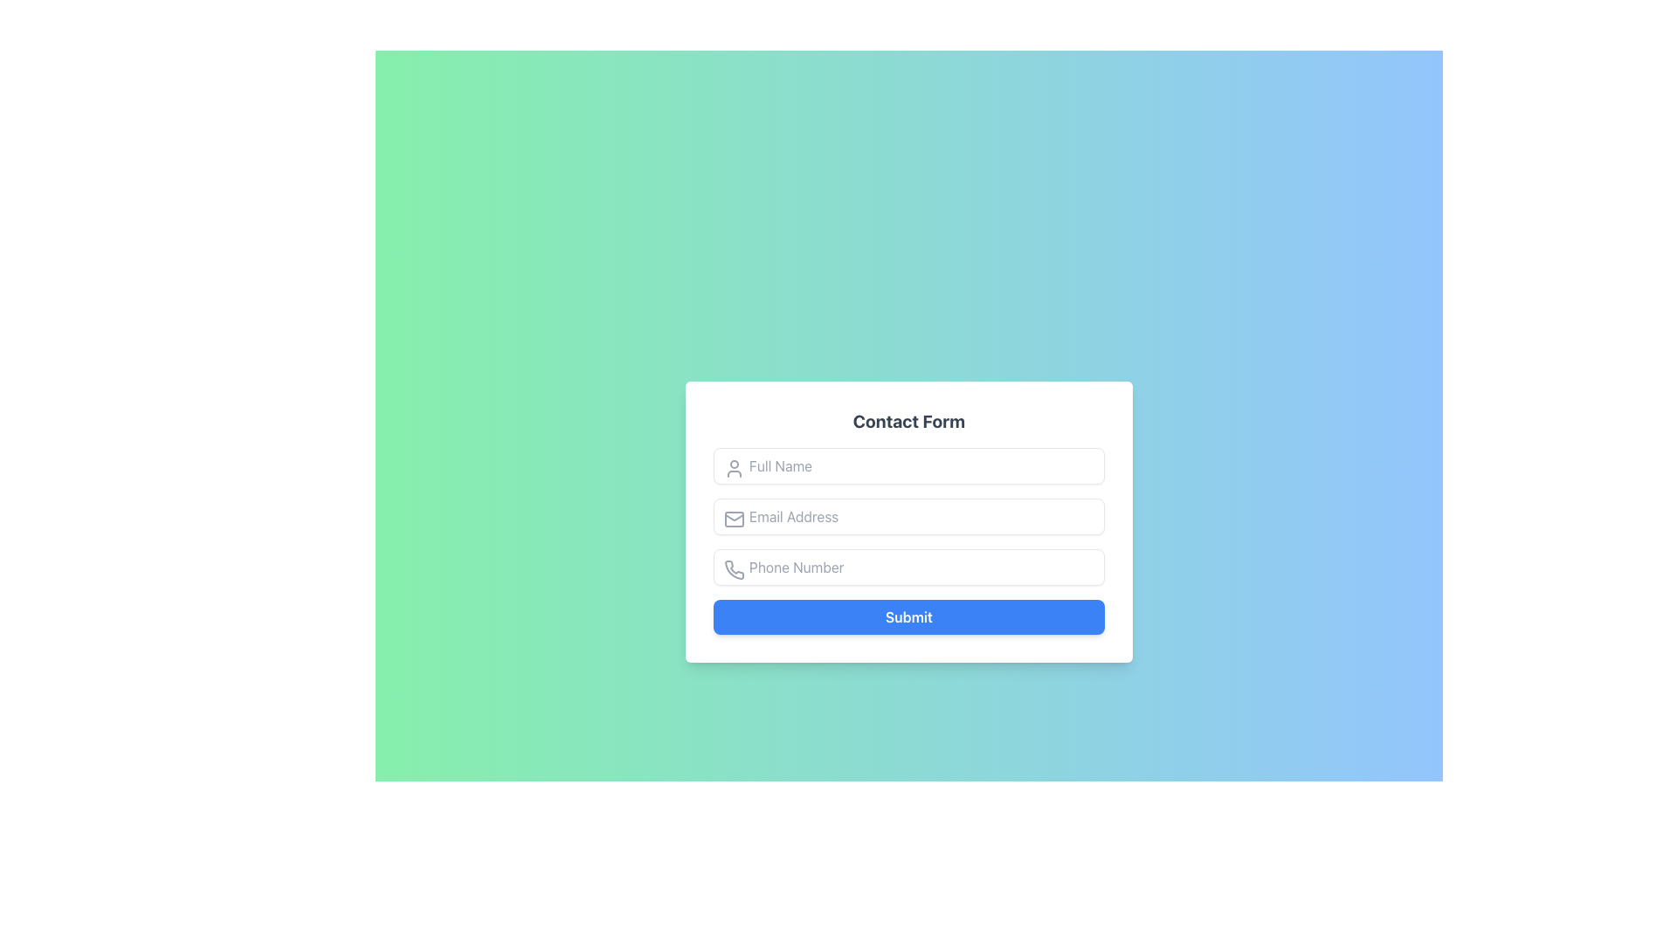 Image resolution: width=1677 pixels, height=943 pixels. I want to click on the email input field in the 'Contact Form', which is the second field below 'Full Name' and above 'Phone Number', so click(908, 540).